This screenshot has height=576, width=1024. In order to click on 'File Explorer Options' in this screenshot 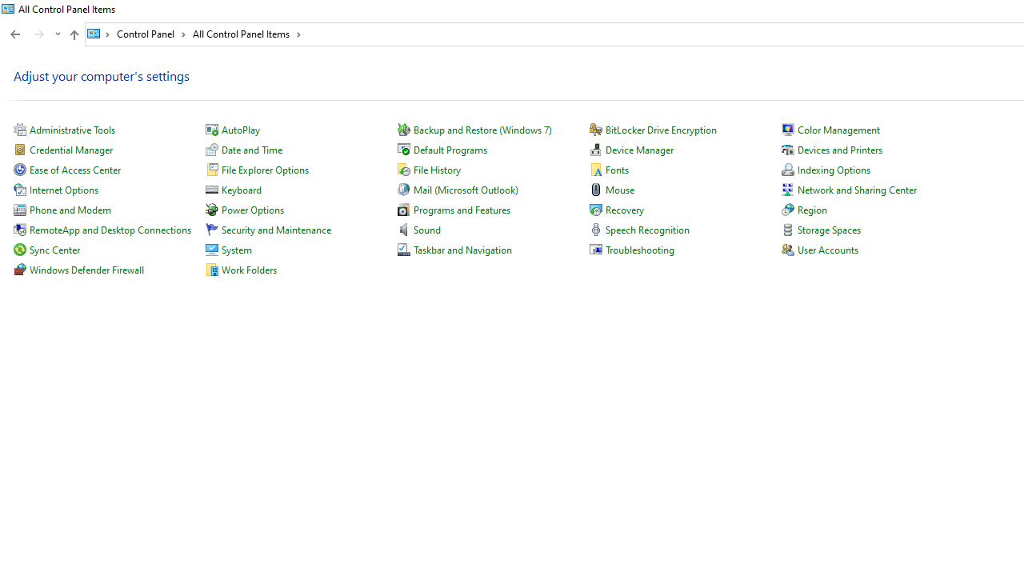, I will do `click(265, 170)`.